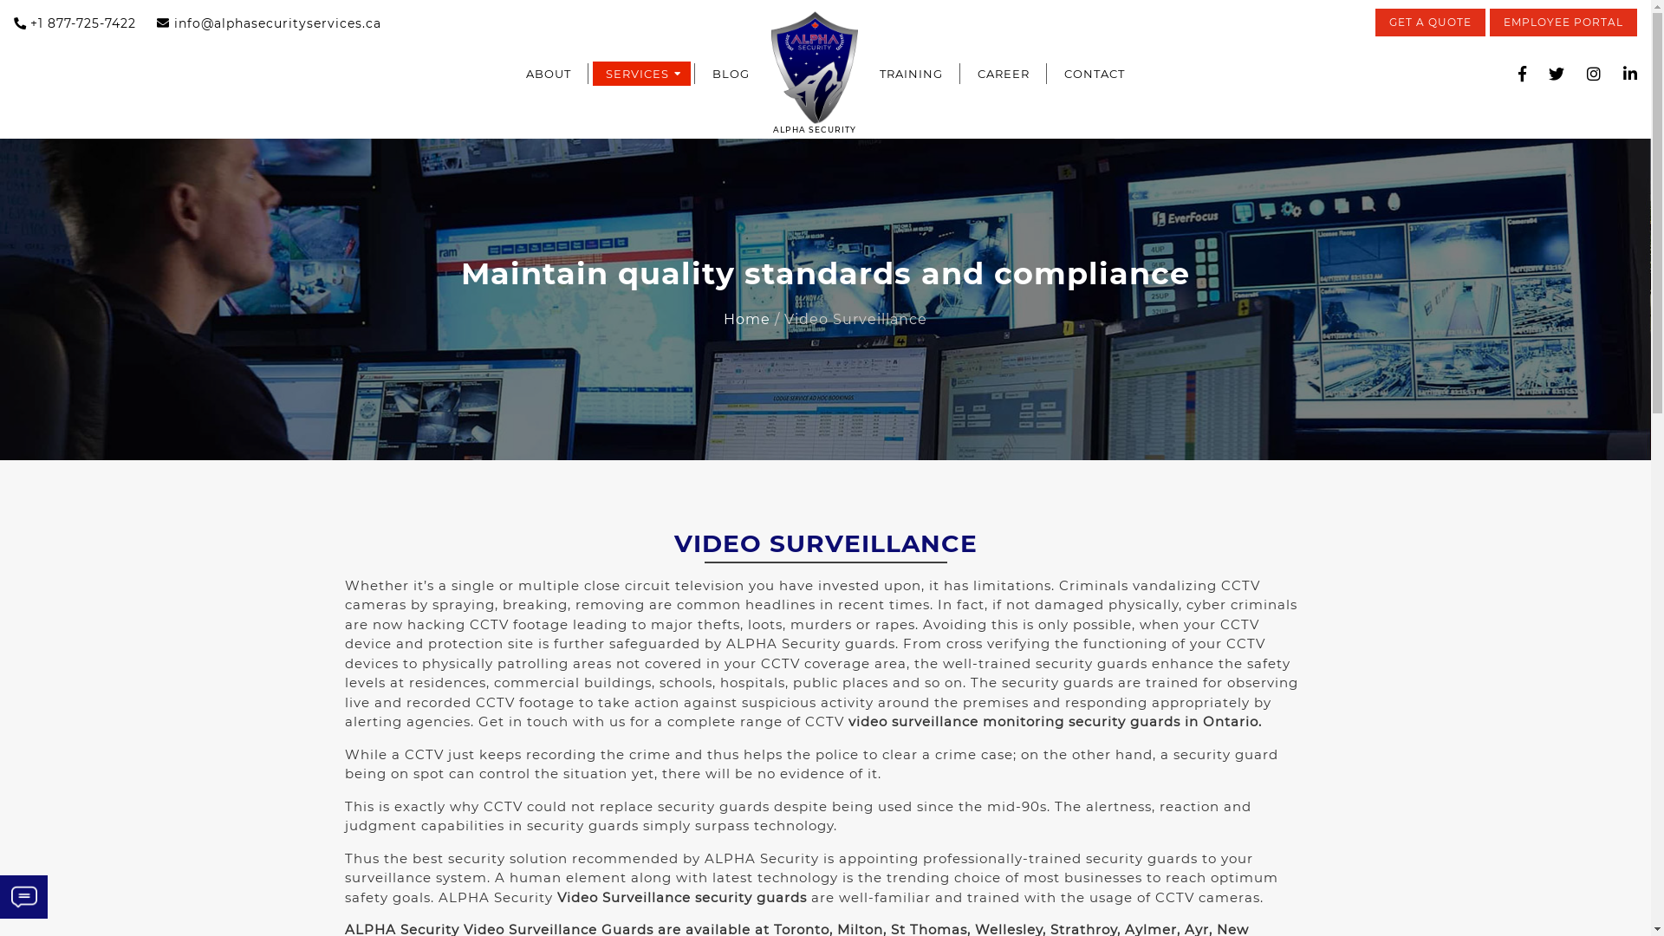 The width and height of the screenshot is (1664, 936). I want to click on 'ABOUT', so click(548, 72).